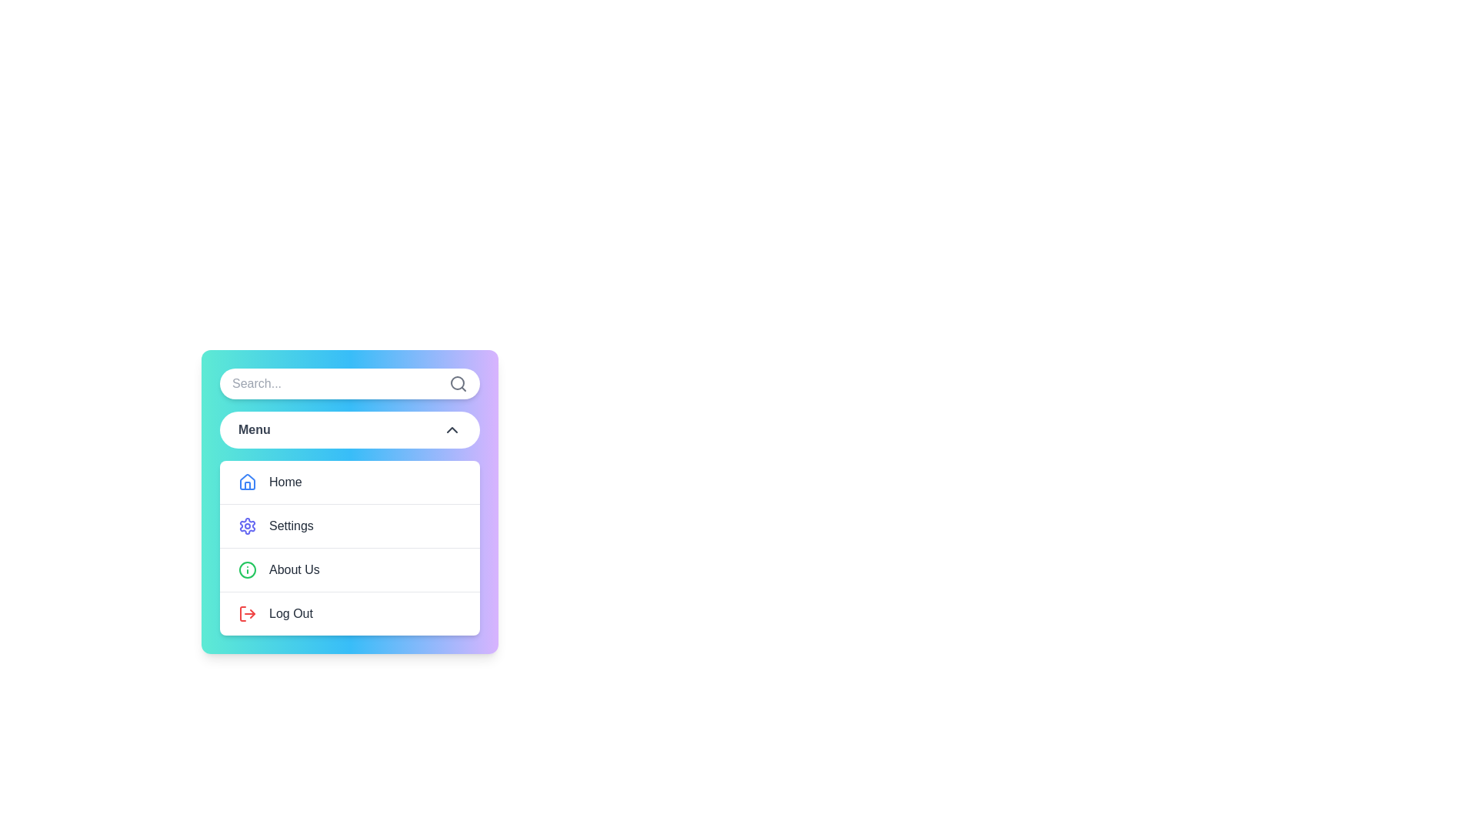  Describe the element at coordinates (247, 613) in the screenshot. I see `the log-out icon, which is a prominent red arrow pointing to the right, located to the left of the 'Log Out' text label in the menu` at that location.